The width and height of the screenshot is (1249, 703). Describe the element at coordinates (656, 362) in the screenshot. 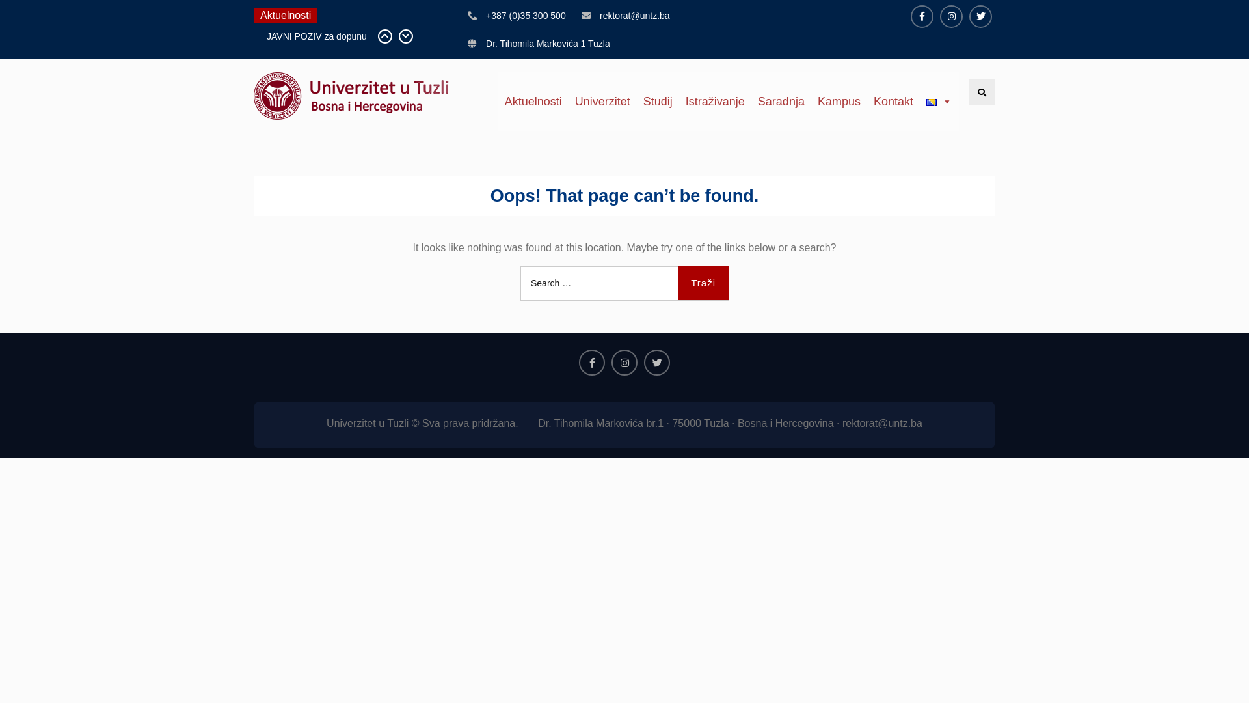

I see `'Twitter'` at that location.